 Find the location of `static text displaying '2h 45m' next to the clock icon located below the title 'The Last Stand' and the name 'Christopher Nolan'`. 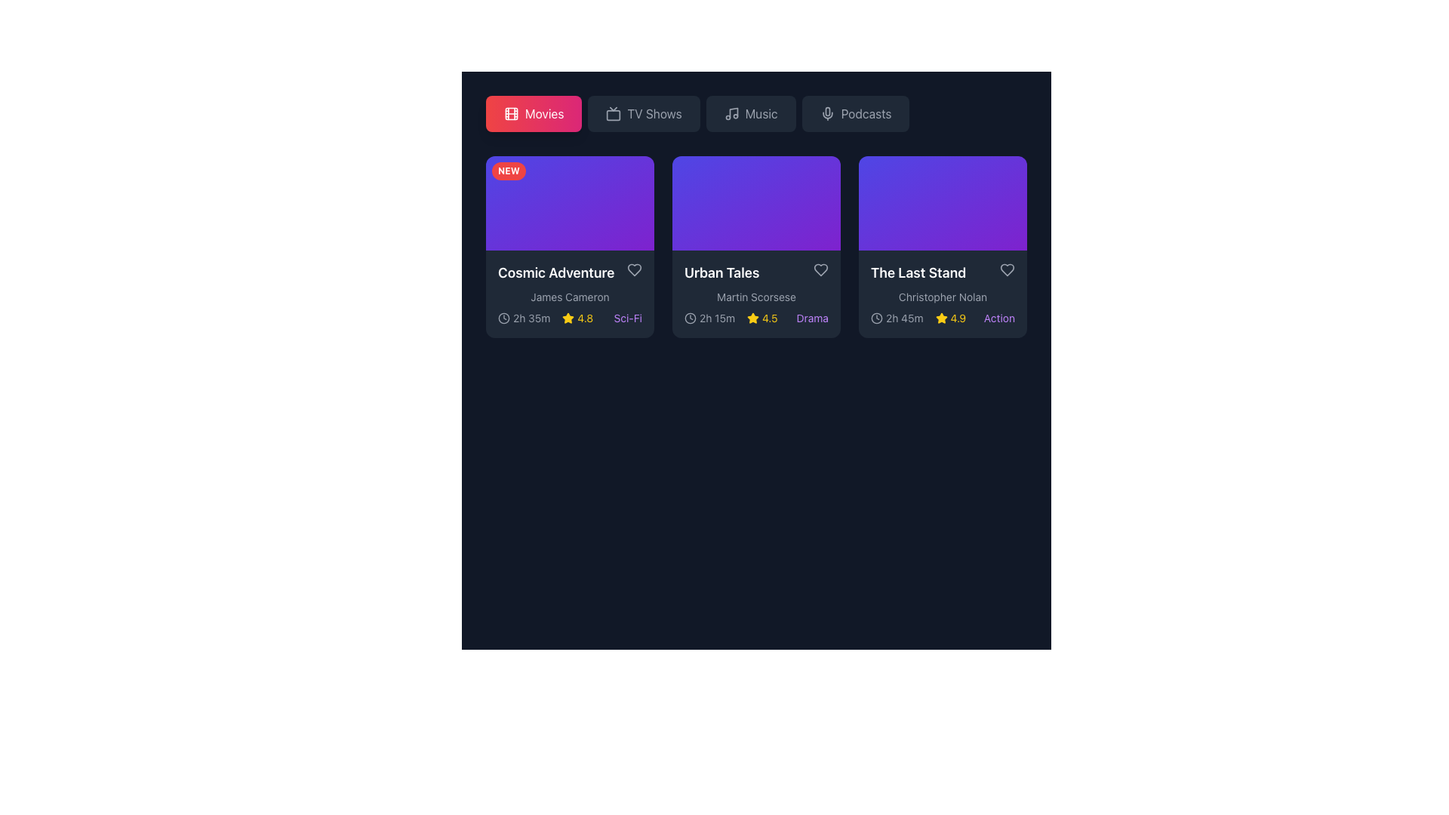

static text displaying '2h 45m' next to the clock icon located below the title 'The Last Stand' and the name 'Christopher Nolan' is located at coordinates (897, 318).